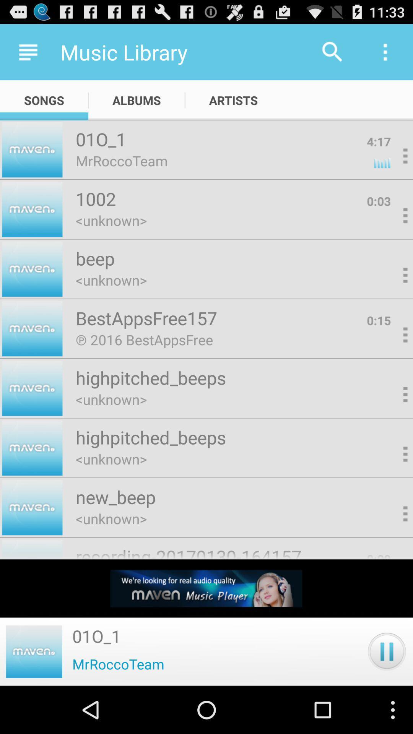  I want to click on the fifth menu icon, so click(393, 336).